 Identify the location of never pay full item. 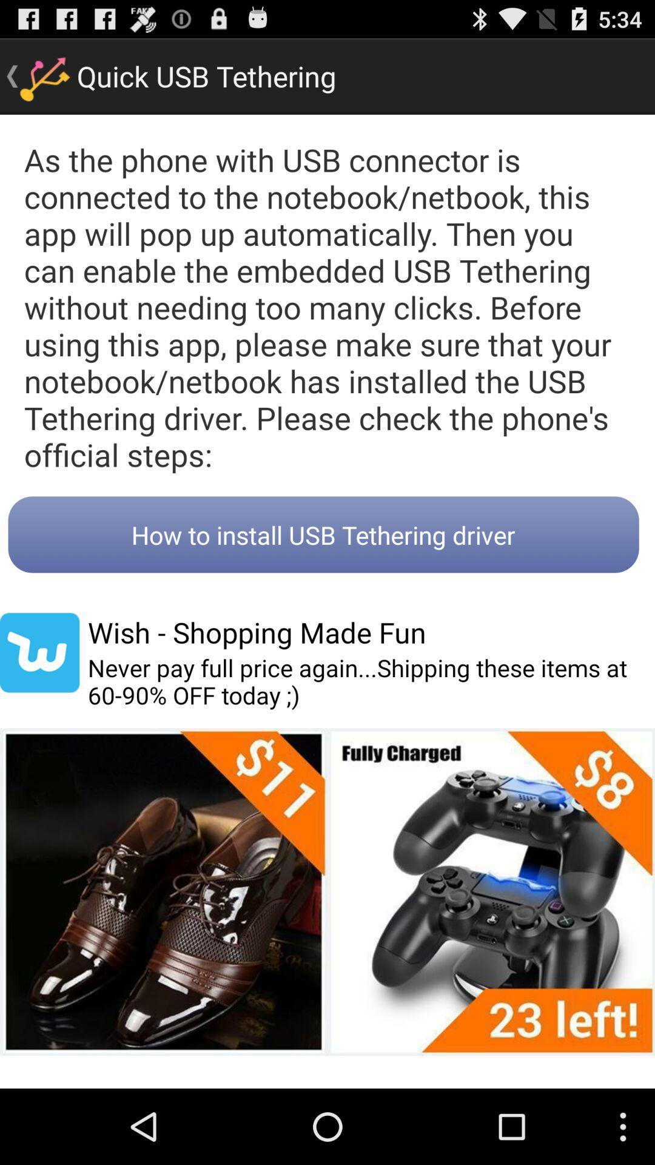
(371, 681).